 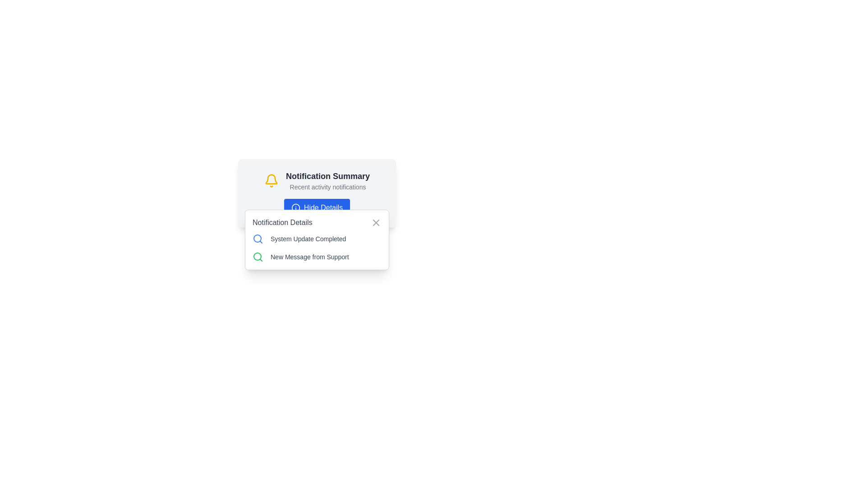 I want to click on the textual label displaying 'Notification Details' which is styled in gray and located next to an interactive icon, so click(x=282, y=222).